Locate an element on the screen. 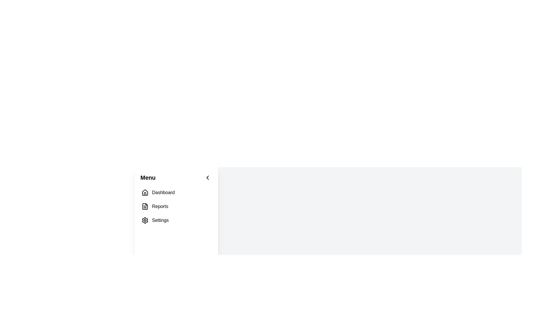 The height and width of the screenshot is (312, 556). the first item in the left-side navigation menu labeled 'Dashboard' is located at coordinates (176, 193).